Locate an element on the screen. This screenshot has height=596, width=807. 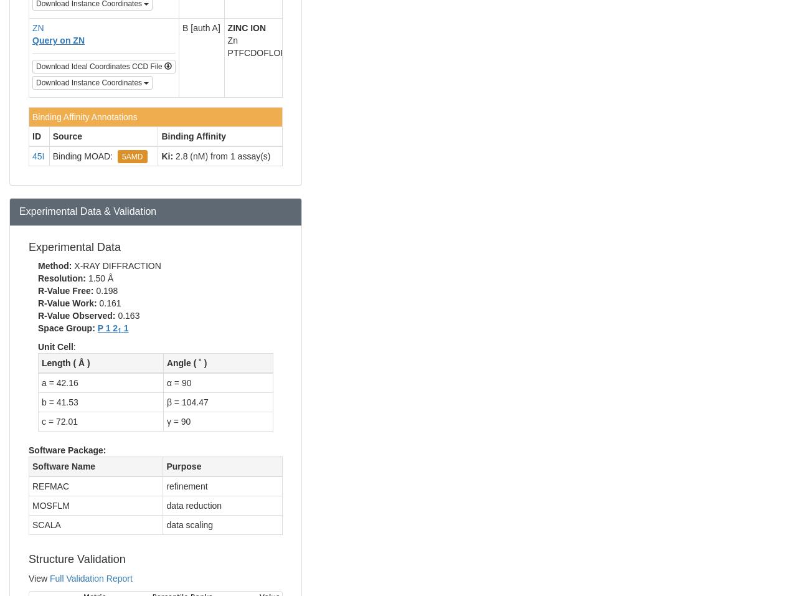
'Purpose' is located at coordinates (183, 466).